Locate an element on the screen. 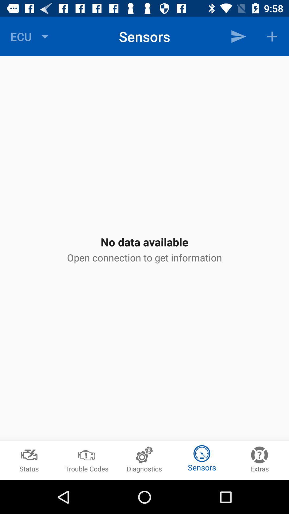 This screenshot has width=289, height=514. item to the right of sensors item is located at coordinates (238, 36).